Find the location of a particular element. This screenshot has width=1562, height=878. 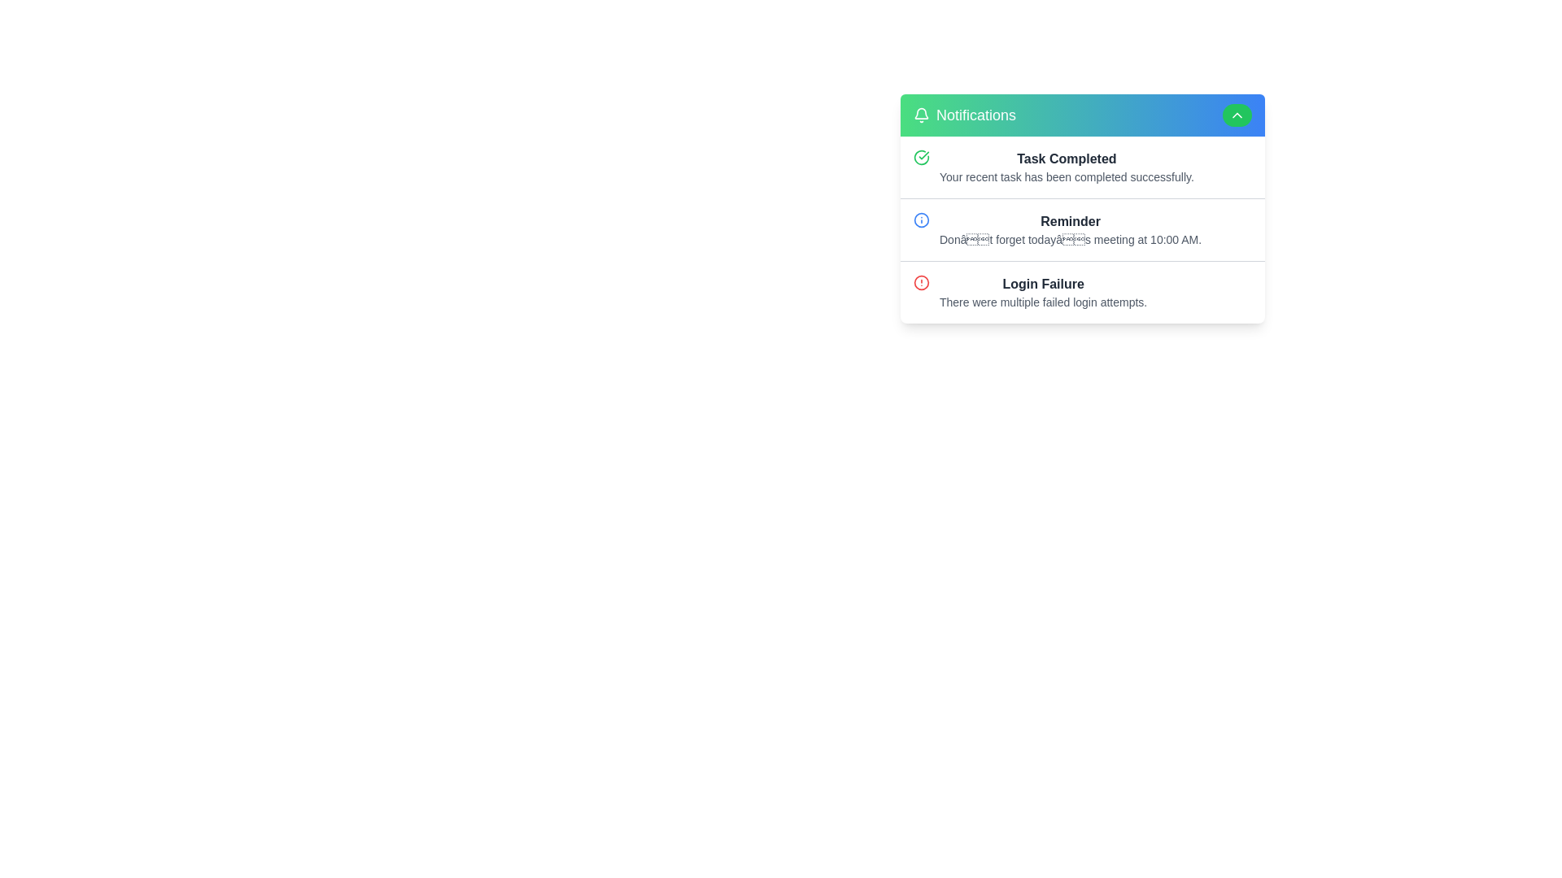

the 'Notifications' label, which displays the word in a medium-sized font with a green-to-blue gradient background, located at the top-left corner of the pop-up notifications panel is located at coordinates (976, 115).